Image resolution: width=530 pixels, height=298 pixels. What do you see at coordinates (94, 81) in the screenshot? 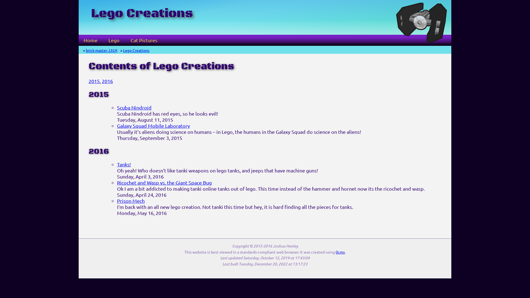
I see `'2015'` at bounding box center [94, 81].